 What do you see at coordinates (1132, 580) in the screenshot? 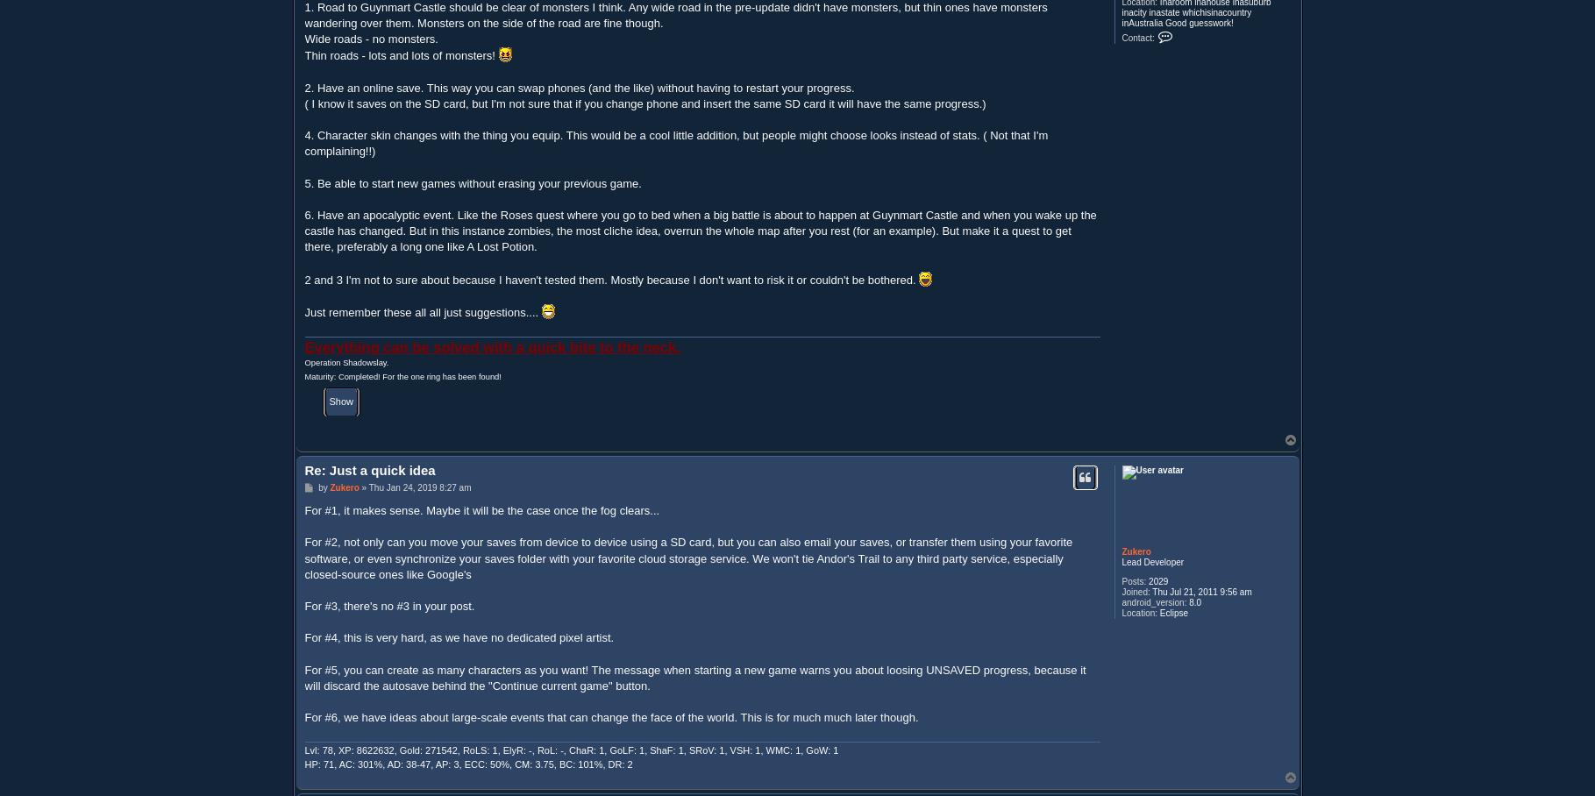
I see `'Posts:'` at bounding box center [1132, 580].